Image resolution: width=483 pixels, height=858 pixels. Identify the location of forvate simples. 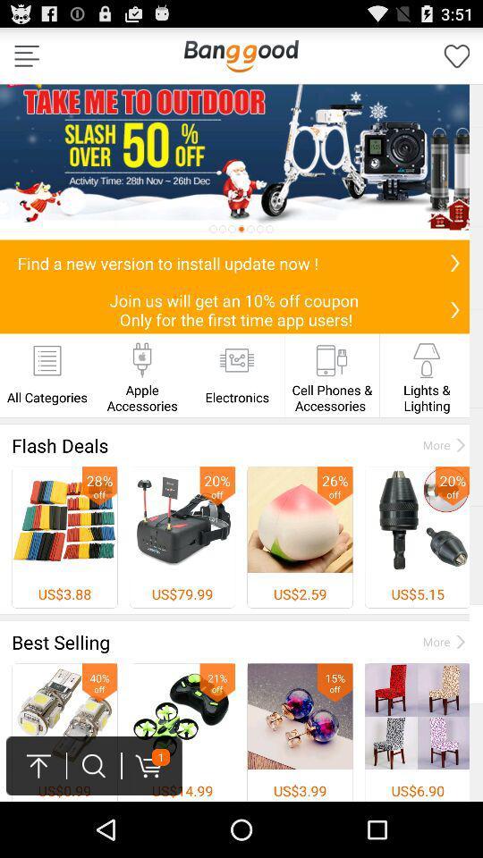
(457, 55).